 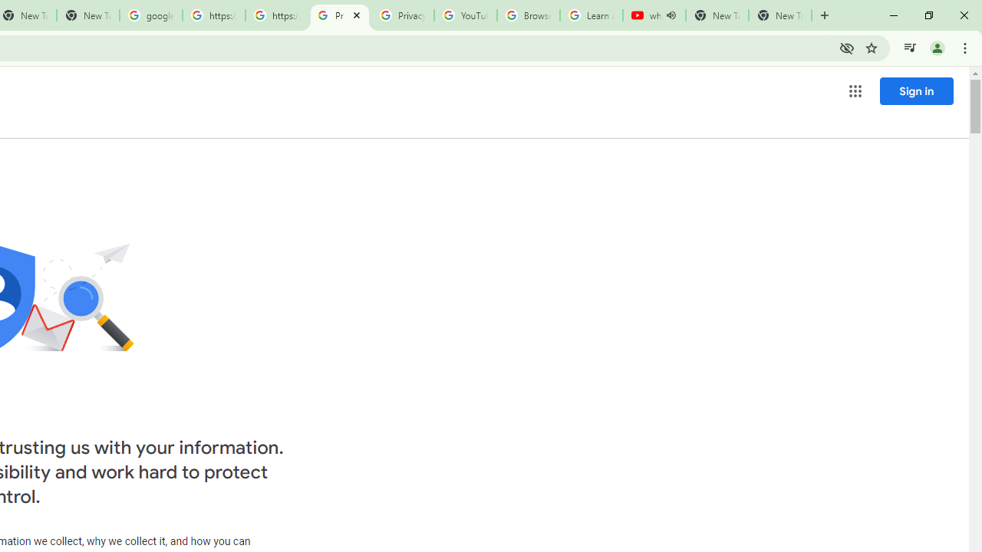 I want to click on 'YouTube', so click(x=464, y=15).